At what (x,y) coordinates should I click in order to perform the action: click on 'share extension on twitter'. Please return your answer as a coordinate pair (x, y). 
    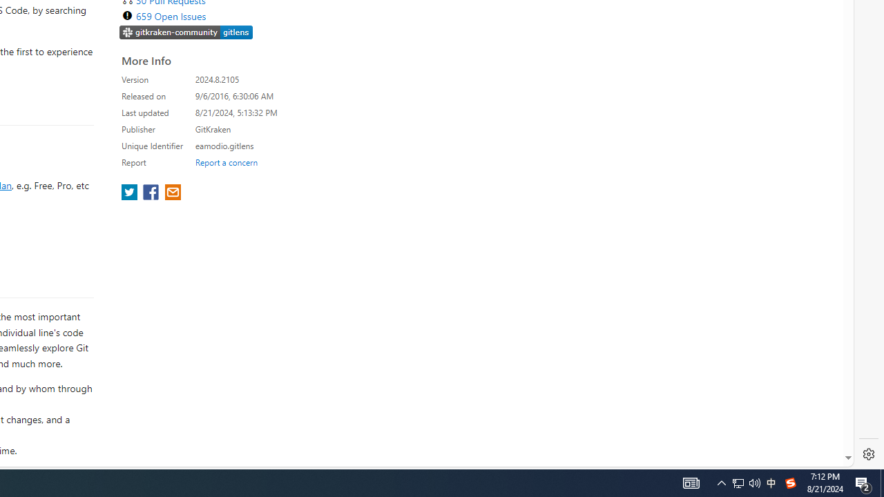
    Looking at the image, I should click on (131, 193).